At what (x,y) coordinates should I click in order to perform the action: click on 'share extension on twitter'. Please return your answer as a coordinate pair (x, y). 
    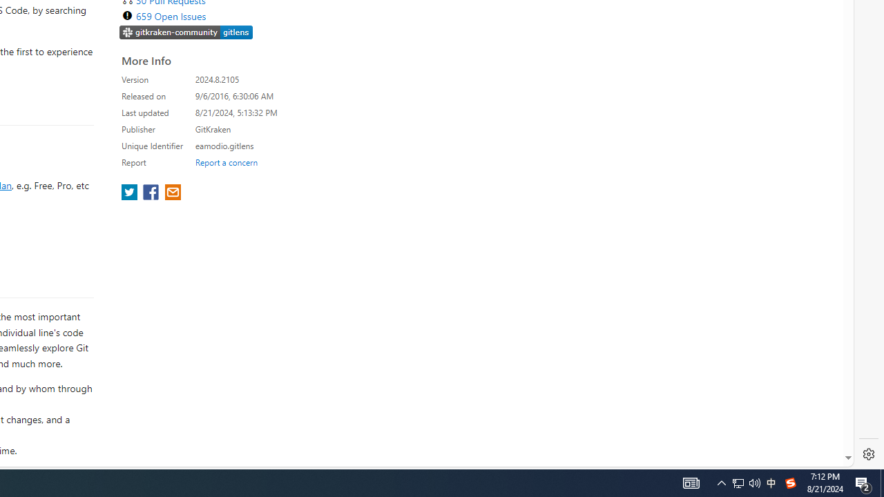
    Looking at the image, I should click on (131, 193).